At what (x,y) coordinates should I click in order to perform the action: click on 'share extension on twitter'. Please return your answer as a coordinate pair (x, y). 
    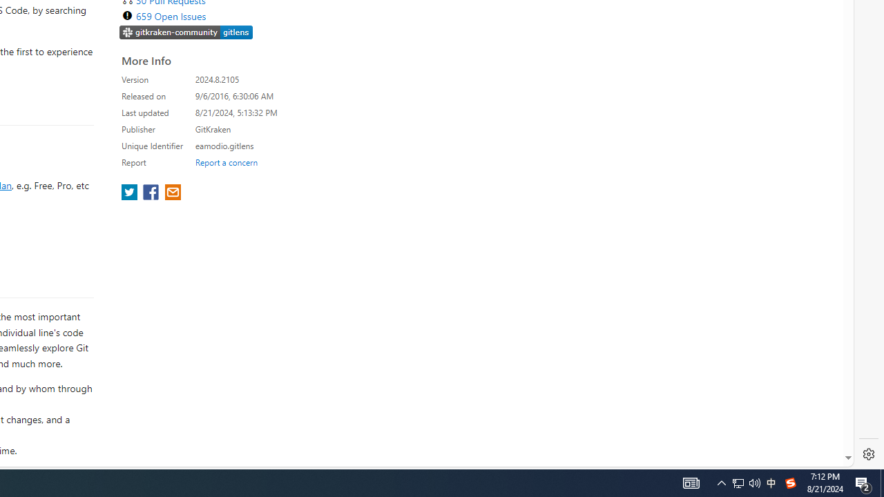
    Looking at the image, I should click on (131, 193).